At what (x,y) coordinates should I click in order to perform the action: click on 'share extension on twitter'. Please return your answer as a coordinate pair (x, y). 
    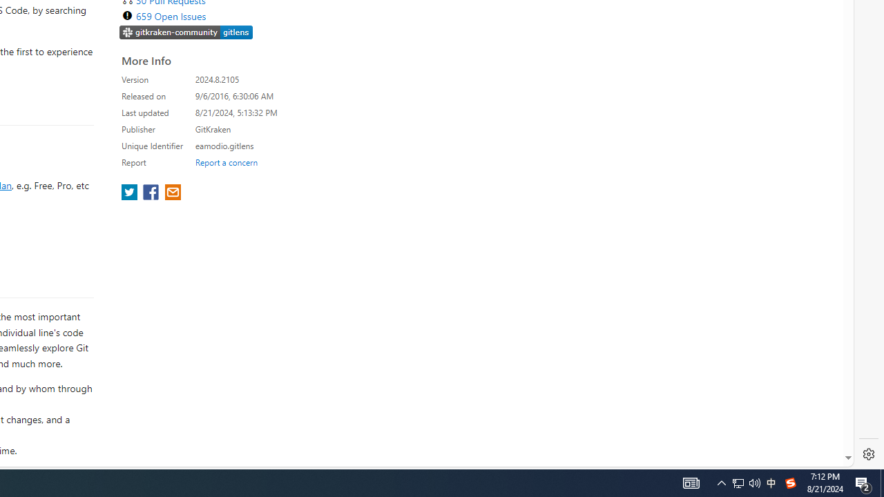
    Looking at the image, I should click on (131, 193).